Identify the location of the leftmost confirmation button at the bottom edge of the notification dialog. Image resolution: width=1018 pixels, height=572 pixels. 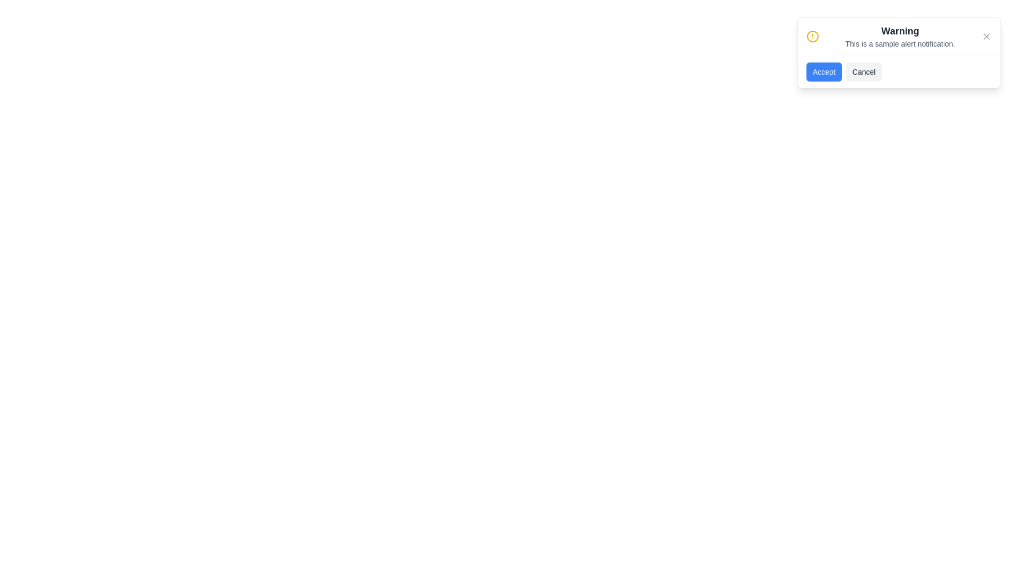
(823, 71).